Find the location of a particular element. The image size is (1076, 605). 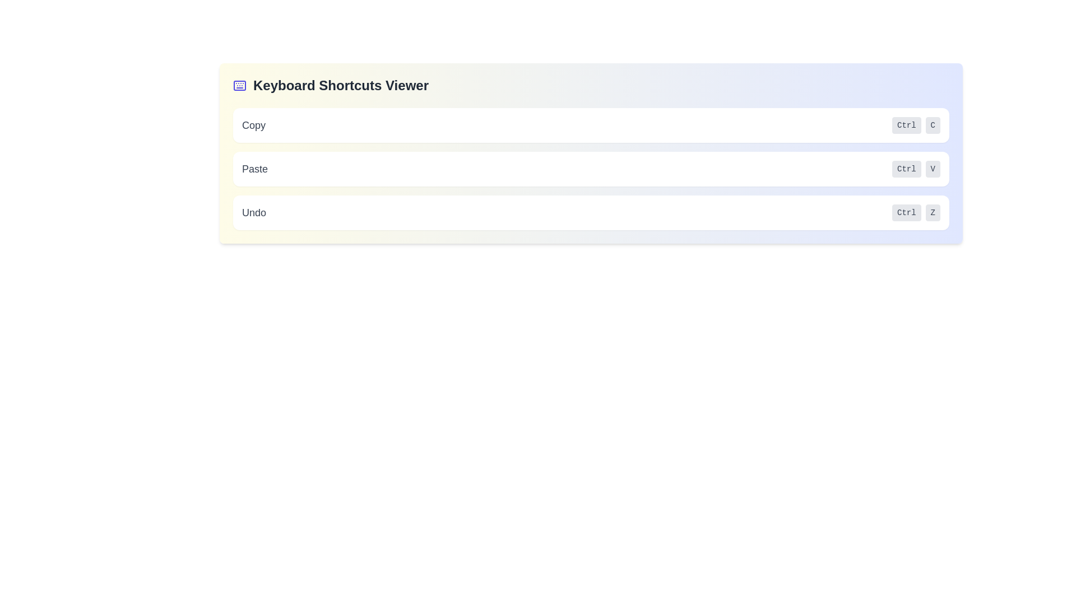

the indigo keyboard icon located at the top-left corner of the 'Keyboard Shortcuts Viewer' section, which is styled with a graphical outline is located at coordinates (239, 85).